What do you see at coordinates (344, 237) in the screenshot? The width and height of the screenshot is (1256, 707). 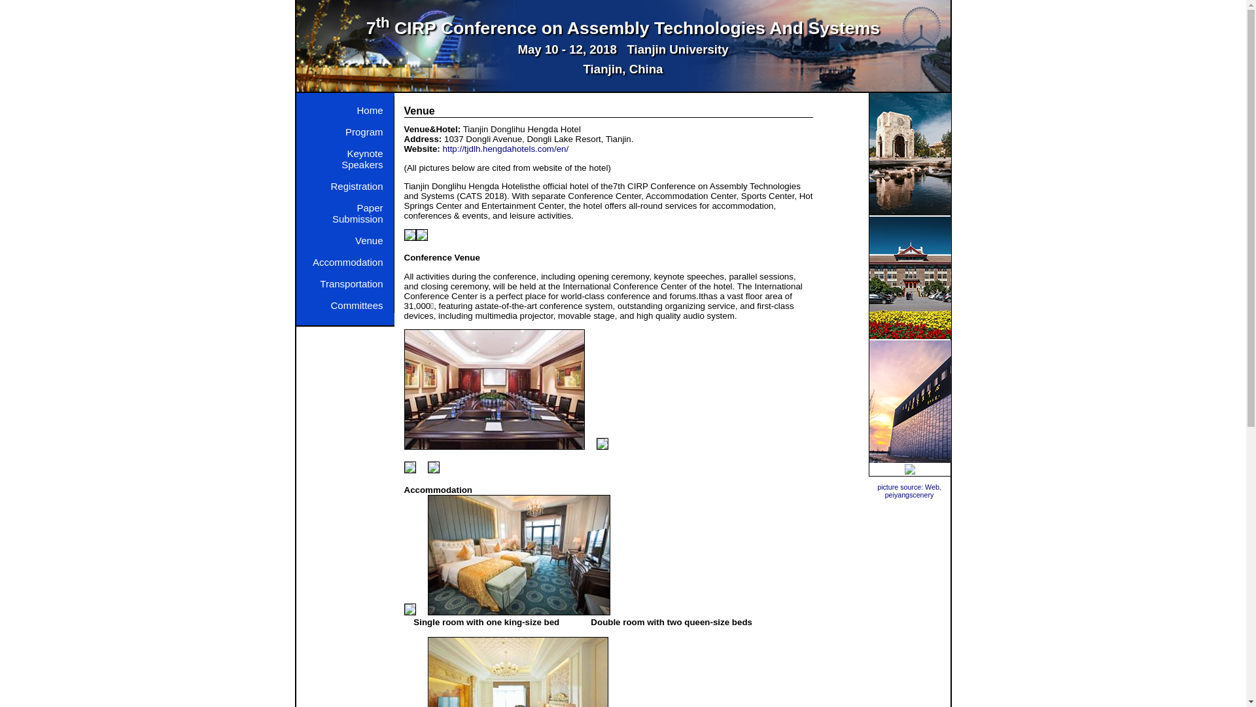 I see `'Venue'` at bounding box center [344, 237].